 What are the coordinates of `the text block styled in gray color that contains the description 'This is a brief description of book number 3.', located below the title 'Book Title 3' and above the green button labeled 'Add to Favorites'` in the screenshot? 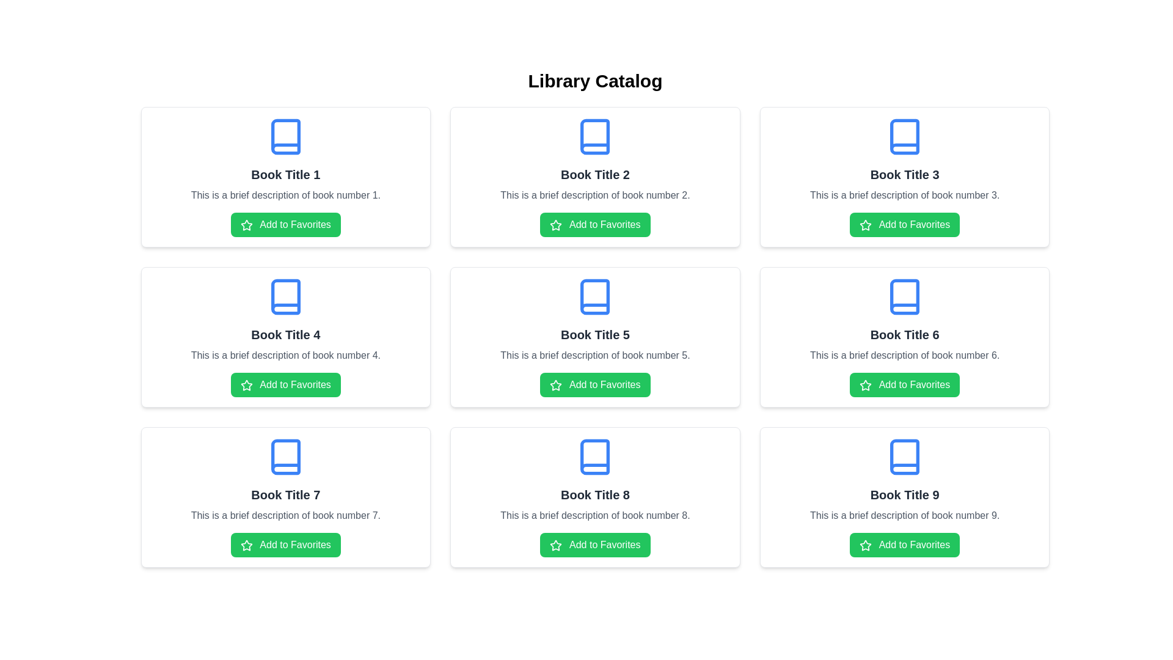 It's located at (905, 195).